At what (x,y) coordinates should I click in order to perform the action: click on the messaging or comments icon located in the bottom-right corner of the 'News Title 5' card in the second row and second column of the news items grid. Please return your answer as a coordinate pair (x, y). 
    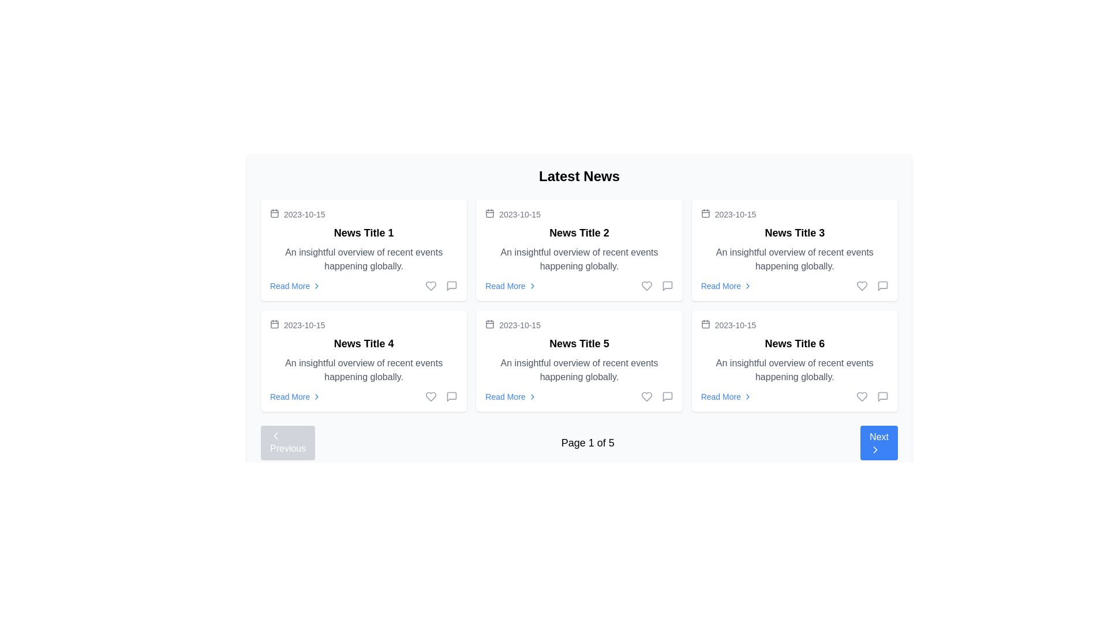
    Looking at the image, I should click on (667, 396).